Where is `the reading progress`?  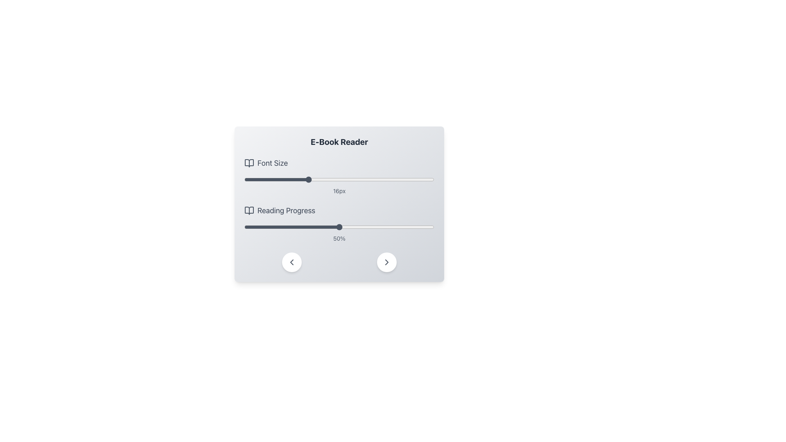 the reading progress is located at coordinates (402, 227).